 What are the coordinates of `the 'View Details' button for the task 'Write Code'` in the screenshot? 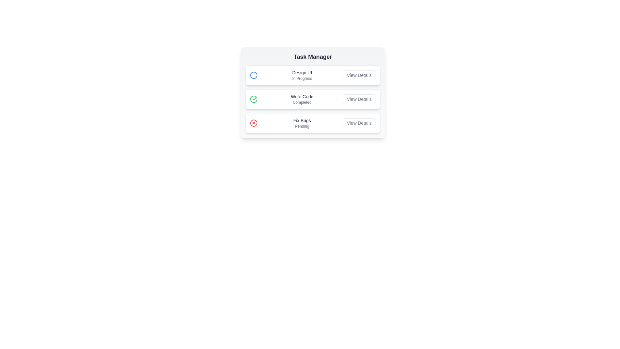 It's located at (359, 99).